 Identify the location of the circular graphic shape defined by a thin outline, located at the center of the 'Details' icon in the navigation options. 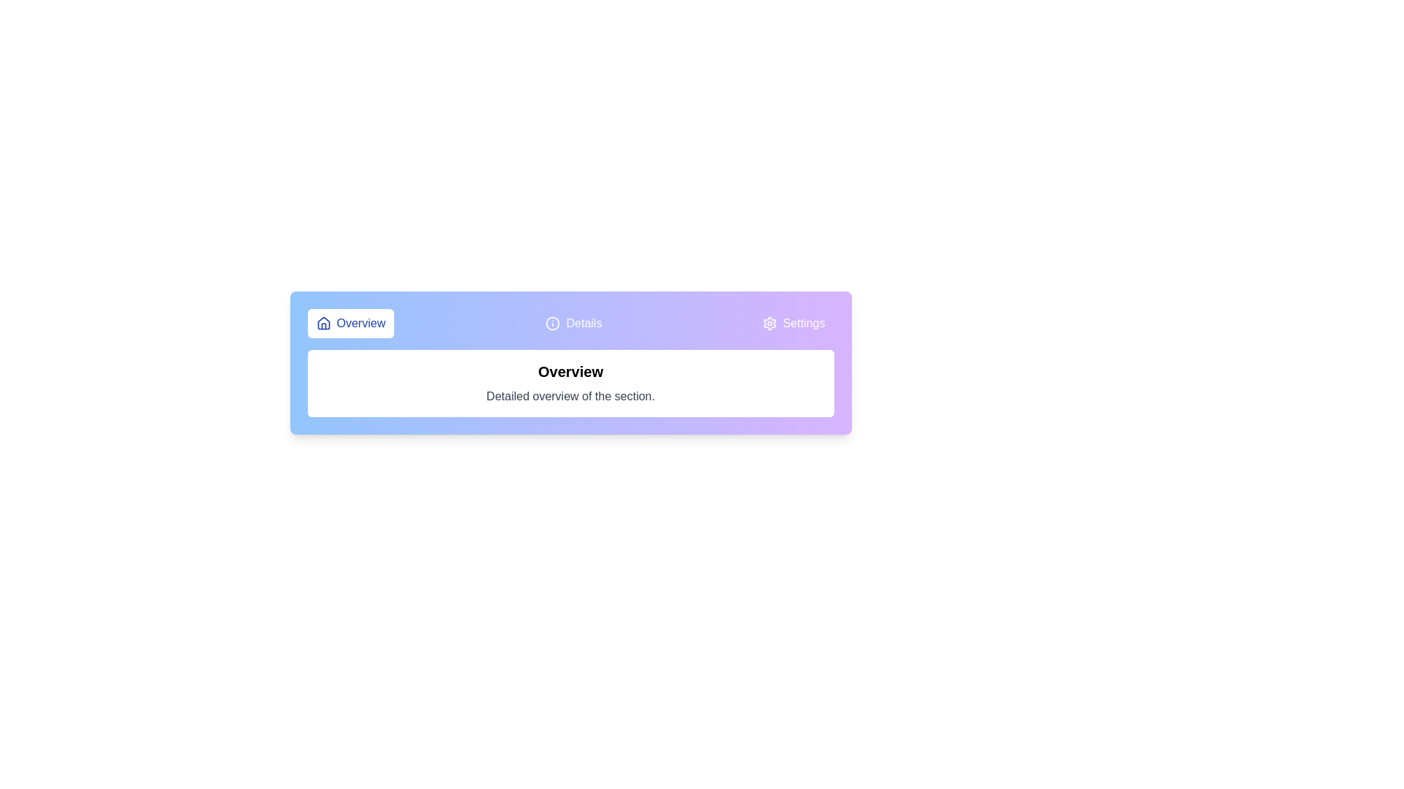
(552, 323).